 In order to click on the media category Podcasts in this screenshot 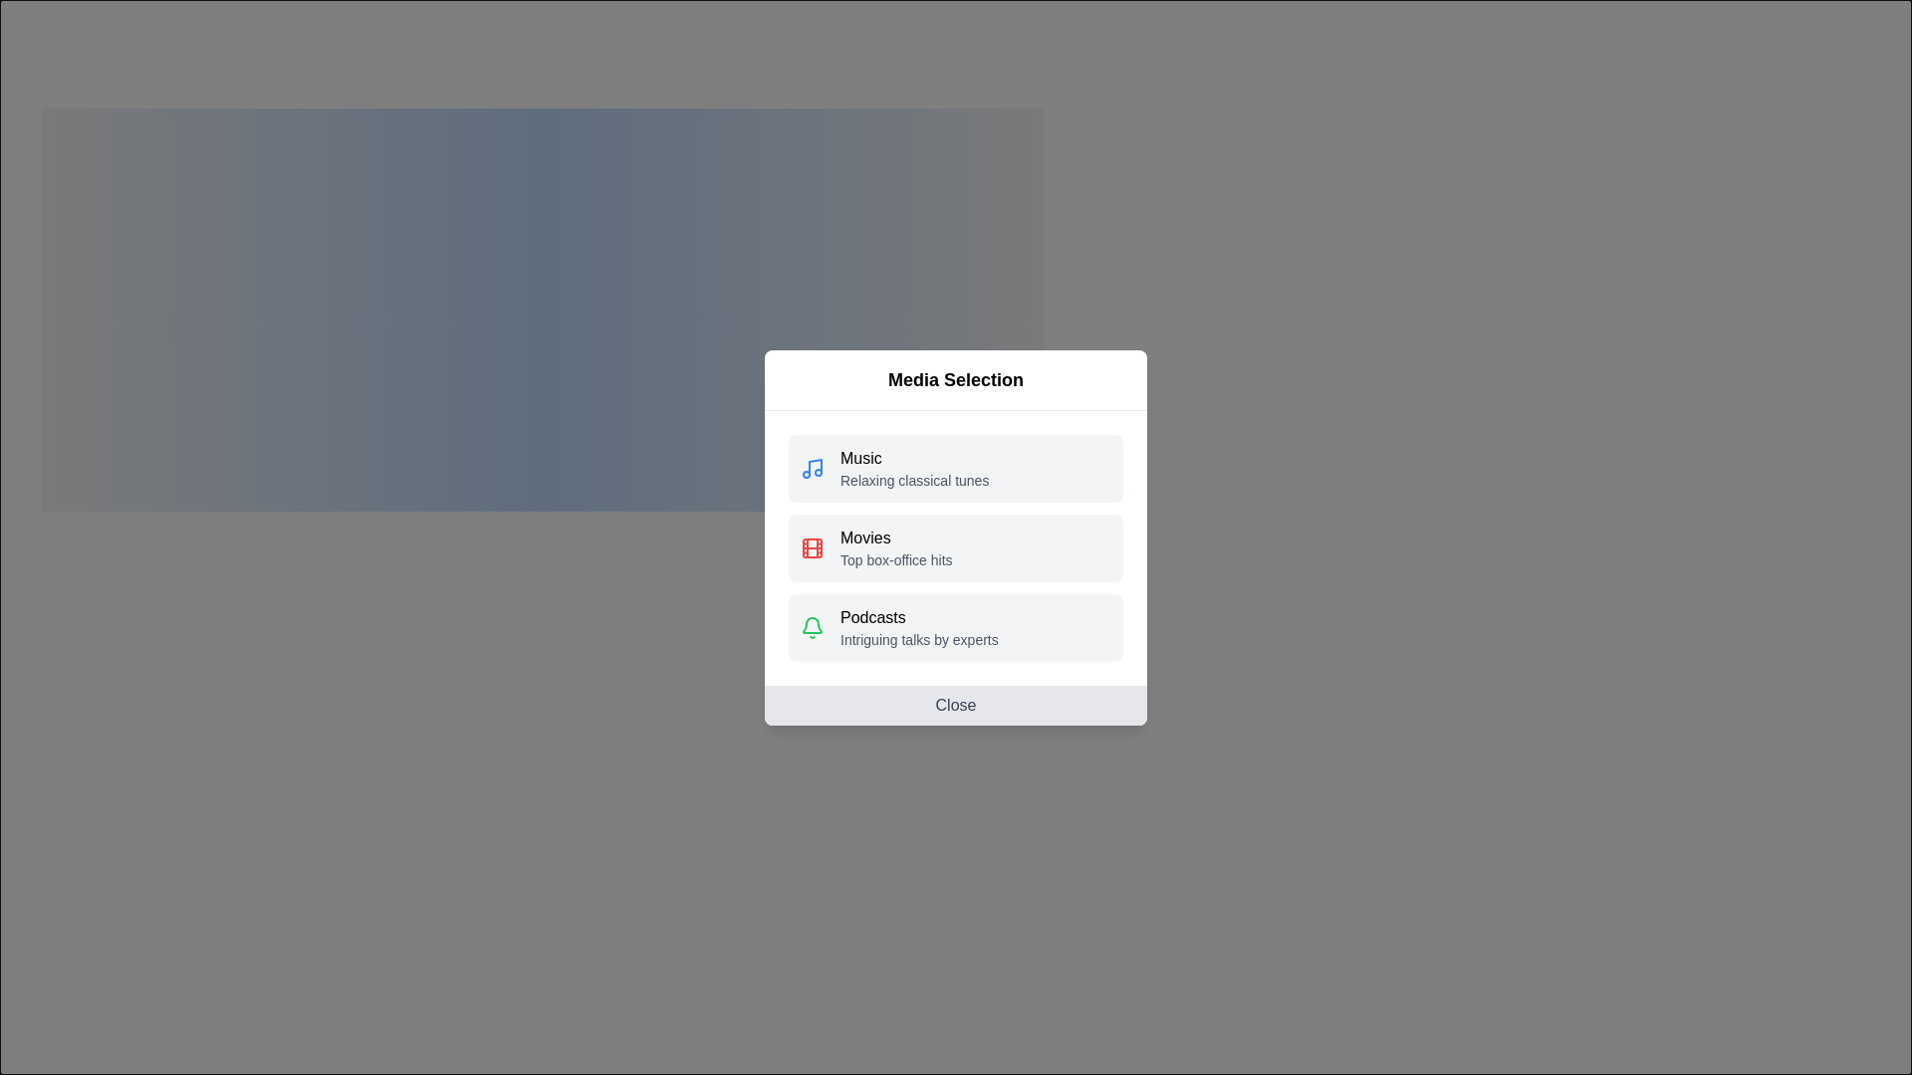, I will do `click(543, 398)`.